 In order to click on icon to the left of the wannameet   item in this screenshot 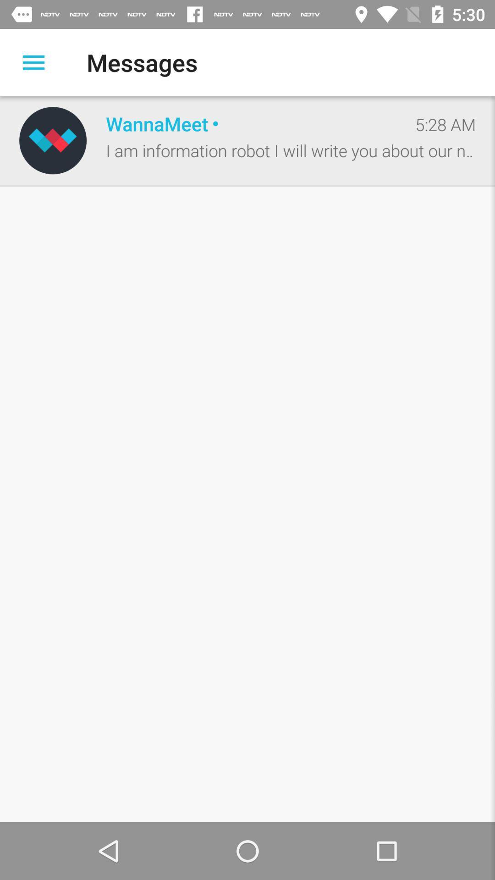, I will do `click(53, 140)`.